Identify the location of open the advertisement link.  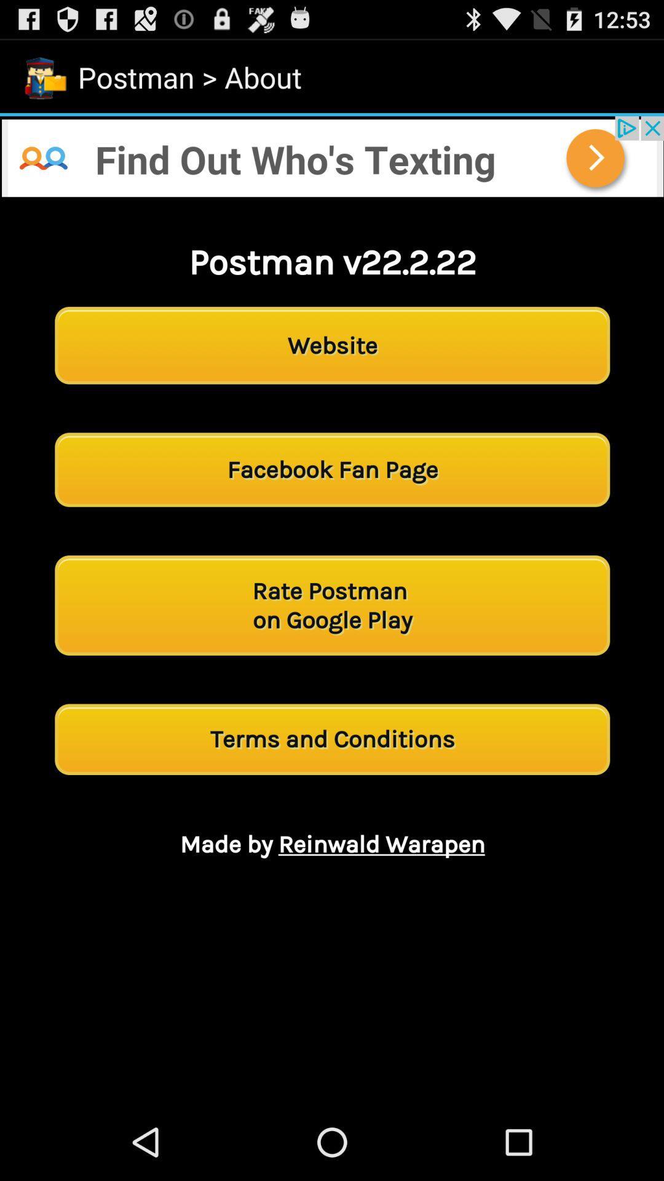
(332, 156).